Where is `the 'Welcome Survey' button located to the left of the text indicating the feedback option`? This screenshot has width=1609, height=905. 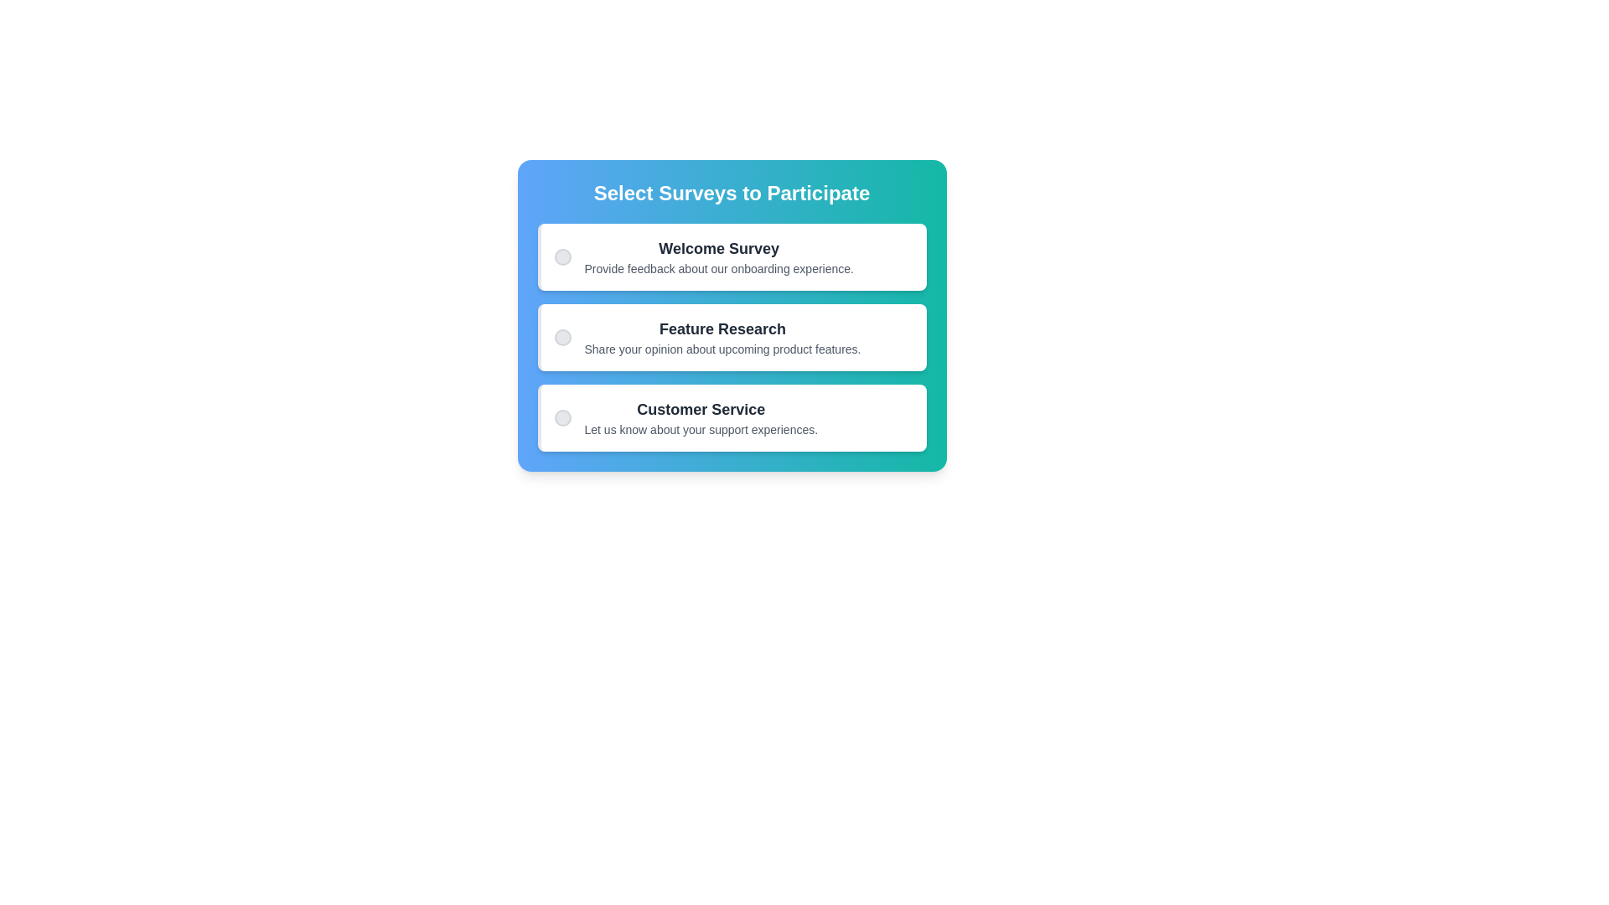
the 'Welcome Survey' button located to the left of the text indicating the feedback option is located at coordinates (562, 257).